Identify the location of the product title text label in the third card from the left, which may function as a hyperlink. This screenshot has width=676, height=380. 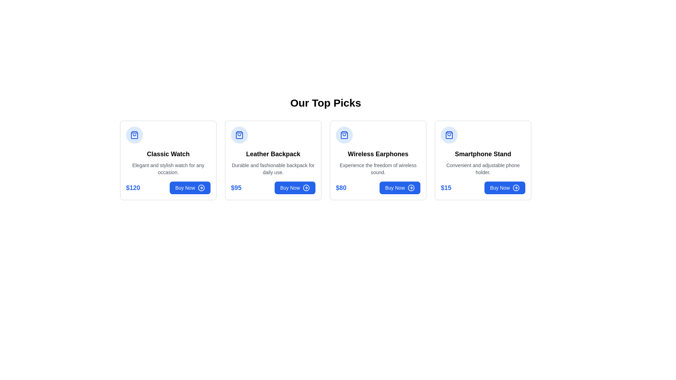
(378, 154).